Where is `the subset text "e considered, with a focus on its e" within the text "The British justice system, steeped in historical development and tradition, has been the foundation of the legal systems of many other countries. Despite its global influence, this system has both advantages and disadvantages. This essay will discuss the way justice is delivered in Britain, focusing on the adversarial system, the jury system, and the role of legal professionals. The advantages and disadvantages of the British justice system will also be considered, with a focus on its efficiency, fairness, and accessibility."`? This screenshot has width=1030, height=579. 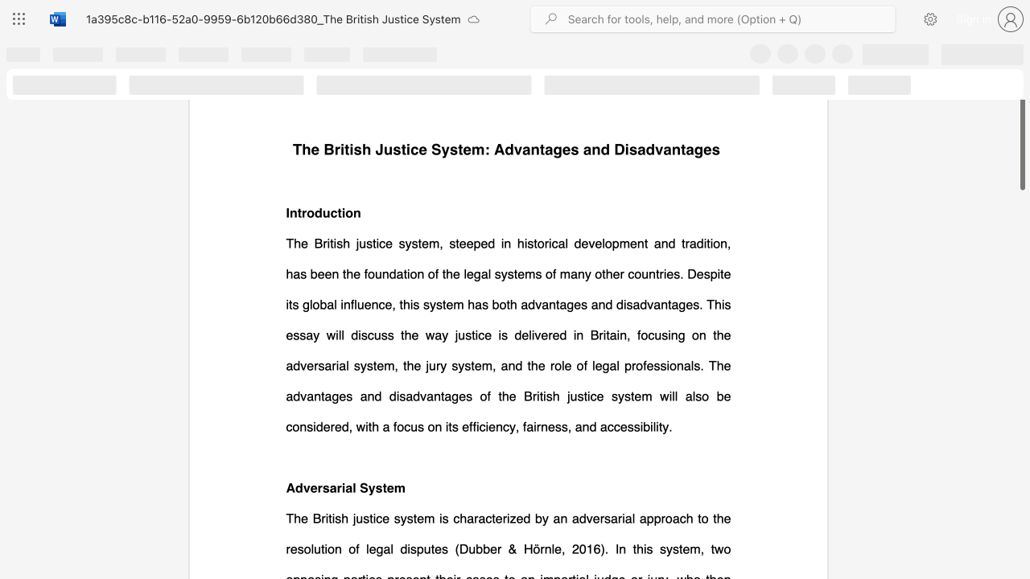
the subset text "e considered, with a focus on its e" within the text "The British justice system, steeped in historical development and tradition, has been the foundation of the legal systems of many other countries. Despite its global influence, this system has both advantages and disadvantages. This essay will discuss the way justice is delivered in Britain, focusing on the adversarial system, the jury system, and the role of legal professionals. The advantages and disadvantages of the British justice system will also be considered, with a focus on its efficiency, fairness, and accessibility." is located at coordinates (723, 396).